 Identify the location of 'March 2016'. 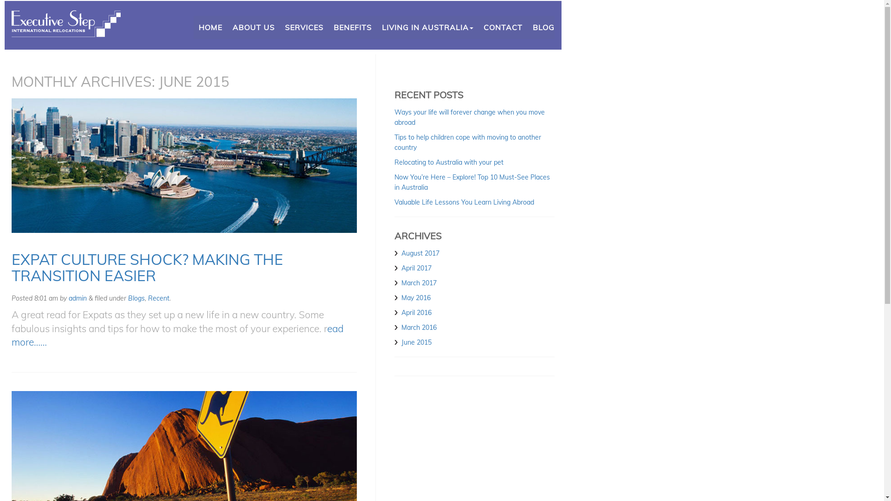
(418, 327).